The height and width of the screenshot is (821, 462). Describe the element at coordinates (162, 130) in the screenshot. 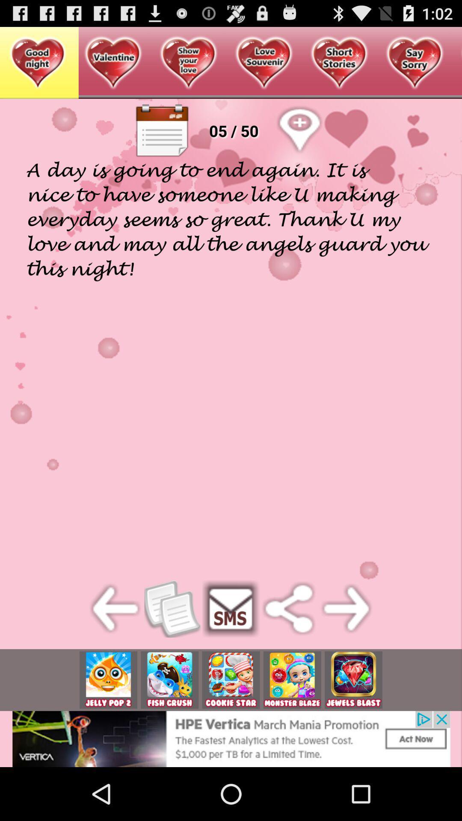

I see `text book button on web page` at that location.